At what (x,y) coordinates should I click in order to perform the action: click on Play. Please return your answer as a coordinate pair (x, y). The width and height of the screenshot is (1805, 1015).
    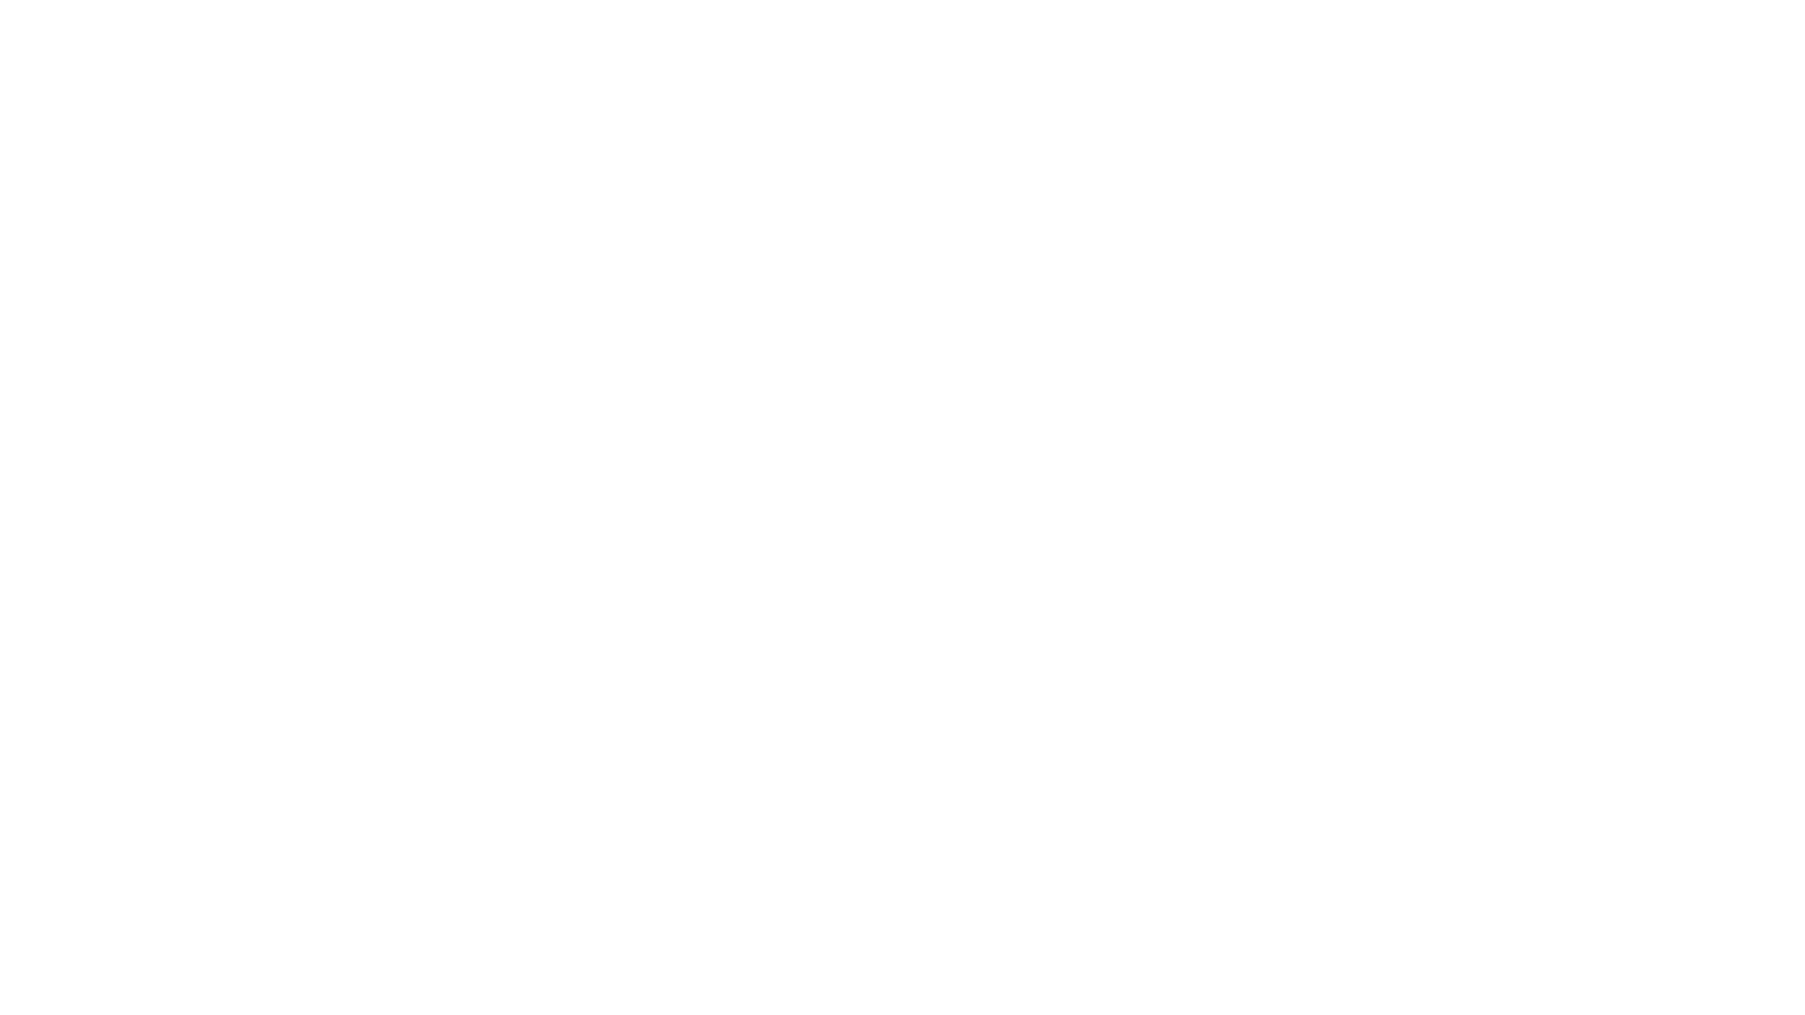
    Looking at the image, I should click on (71, 24).